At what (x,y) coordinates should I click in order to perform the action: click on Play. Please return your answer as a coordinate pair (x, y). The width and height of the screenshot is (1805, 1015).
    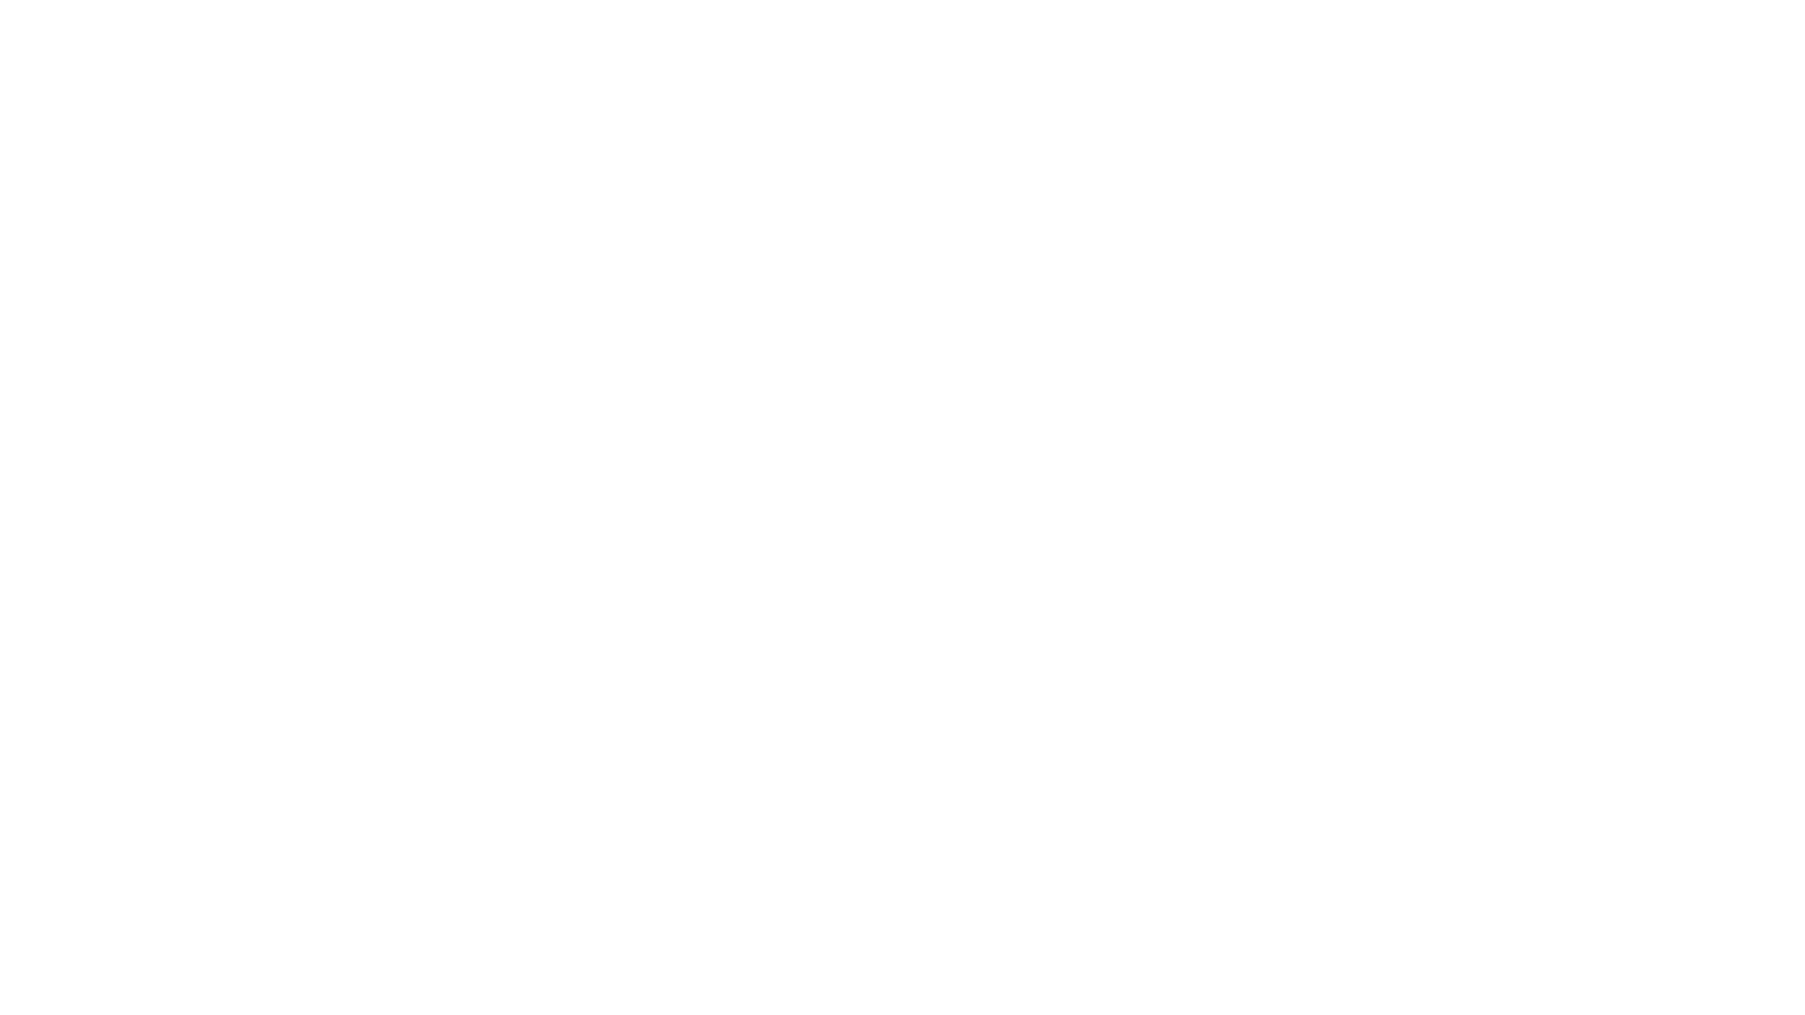
    Looking at the image, I should click on (71, 24).